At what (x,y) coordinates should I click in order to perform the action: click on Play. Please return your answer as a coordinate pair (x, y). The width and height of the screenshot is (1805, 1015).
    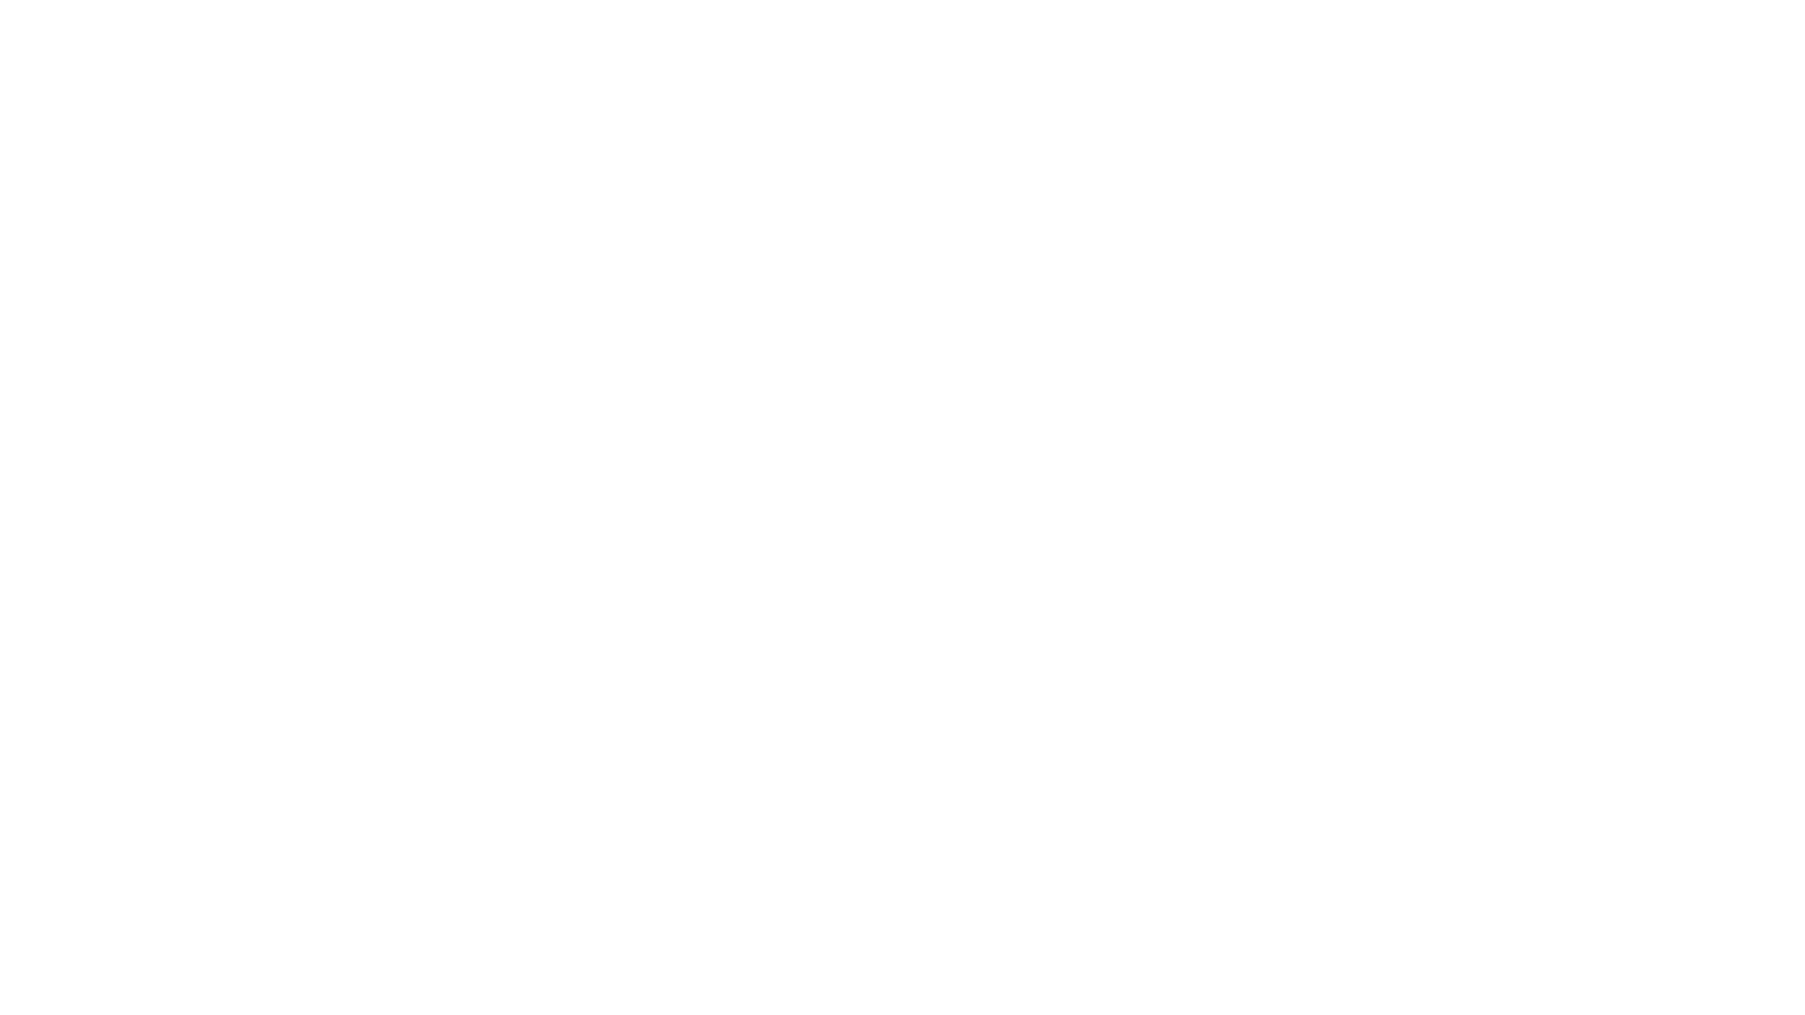
    Looking at the image, I should click on (71, 24).